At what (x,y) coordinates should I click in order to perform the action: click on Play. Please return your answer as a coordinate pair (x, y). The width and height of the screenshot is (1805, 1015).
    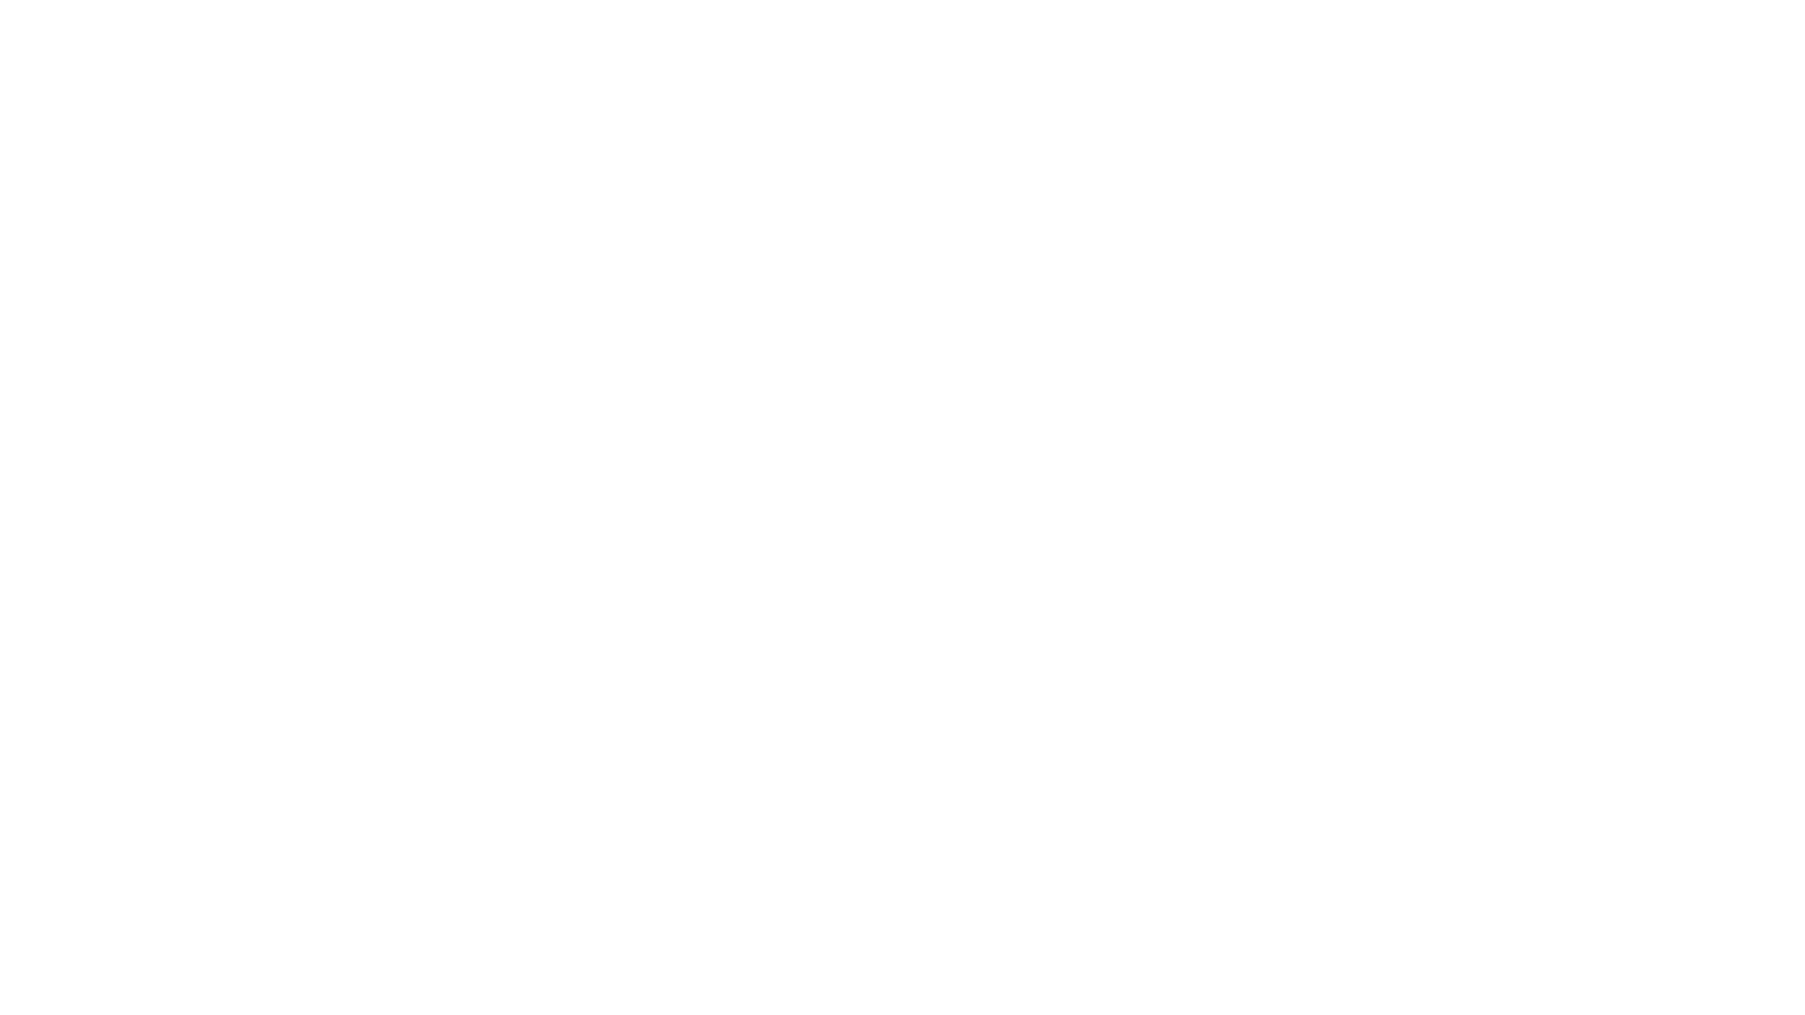
    Looking at the image, I should click on (71, 24).